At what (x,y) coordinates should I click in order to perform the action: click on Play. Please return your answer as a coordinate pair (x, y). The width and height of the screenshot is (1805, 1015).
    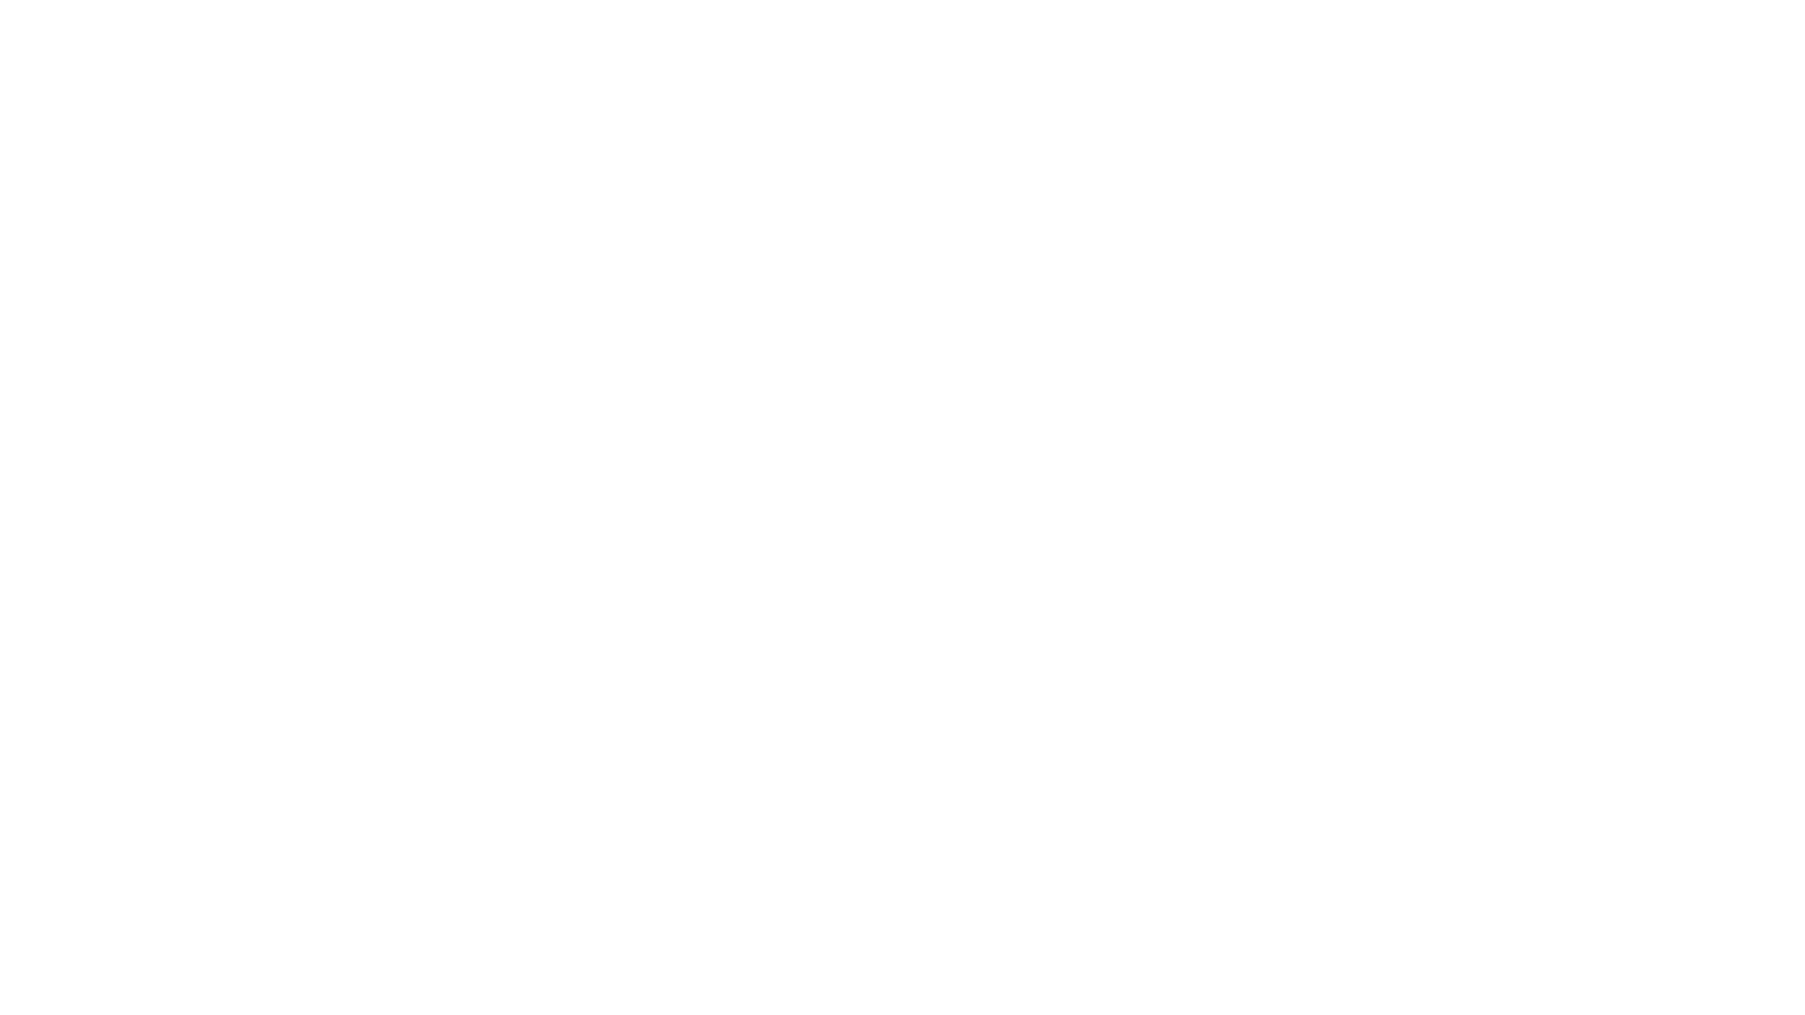
    Looking at the image, I should click on (71, 24).